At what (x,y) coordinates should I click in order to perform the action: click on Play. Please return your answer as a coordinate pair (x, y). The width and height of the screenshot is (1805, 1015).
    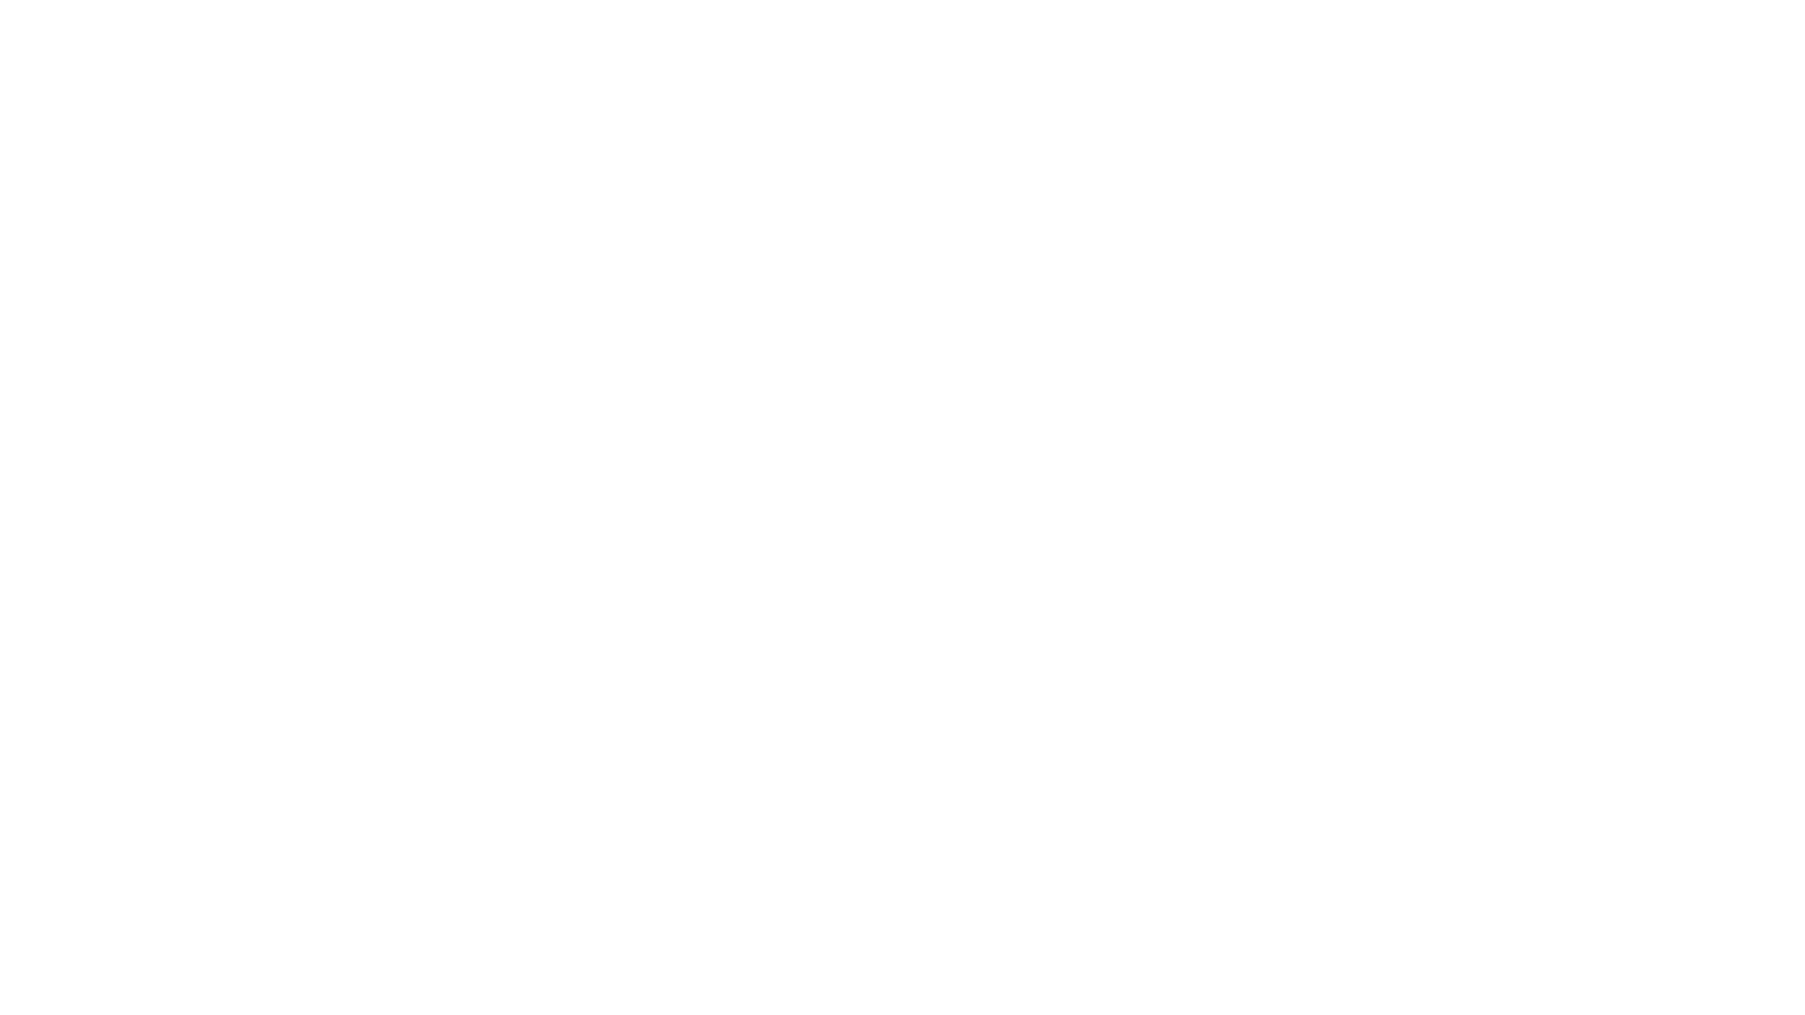
    Looking at the image, I should click on (71, 24).